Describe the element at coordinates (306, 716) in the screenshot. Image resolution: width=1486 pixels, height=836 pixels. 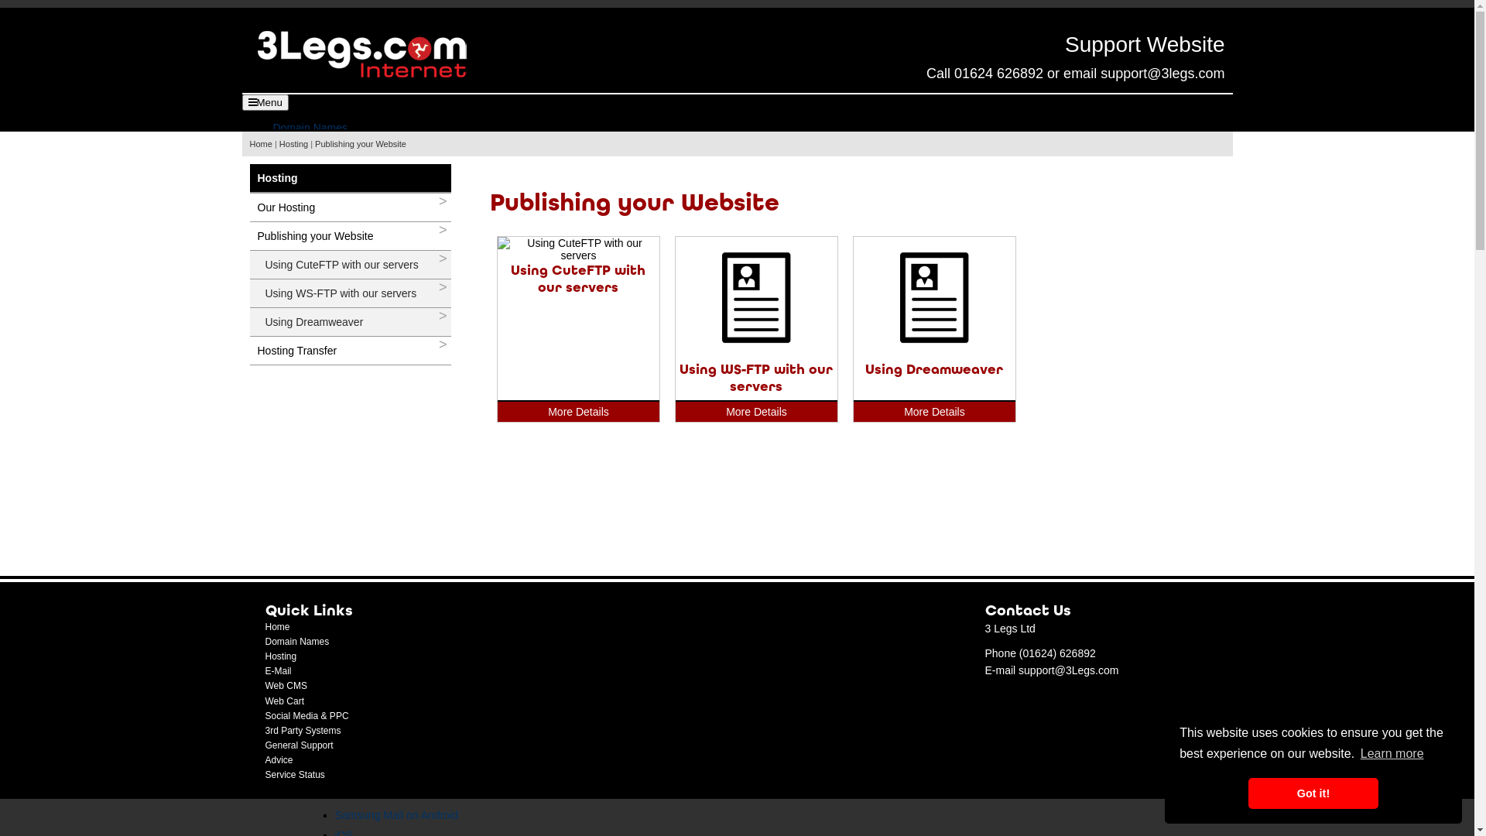
I see `'Social Media & PPC'` at that location.